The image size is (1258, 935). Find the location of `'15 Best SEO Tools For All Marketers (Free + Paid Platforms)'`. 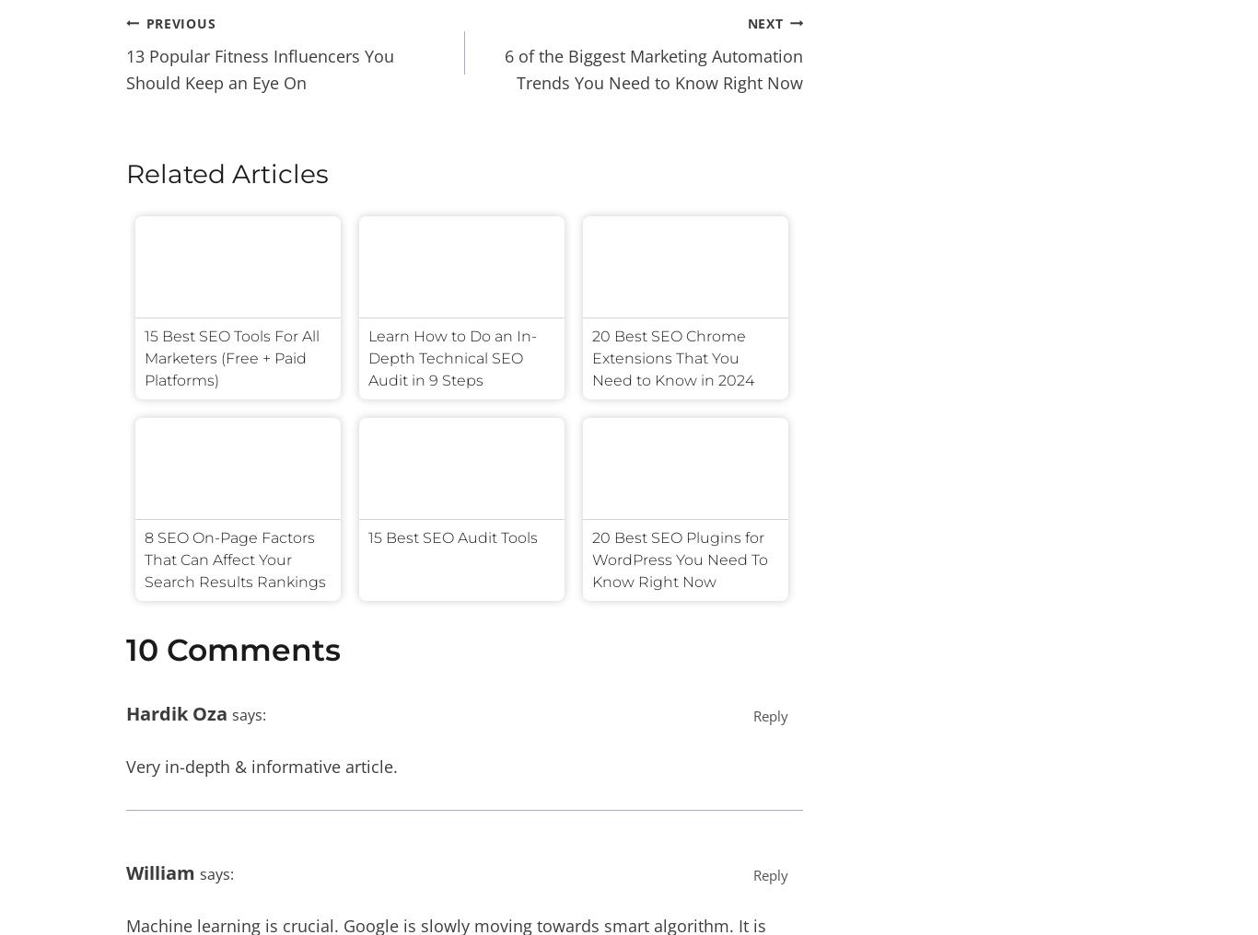

'15 Best SEO Tools For All Marketers (Free + Paid Platforms)' is located at coordinates (232, 357).